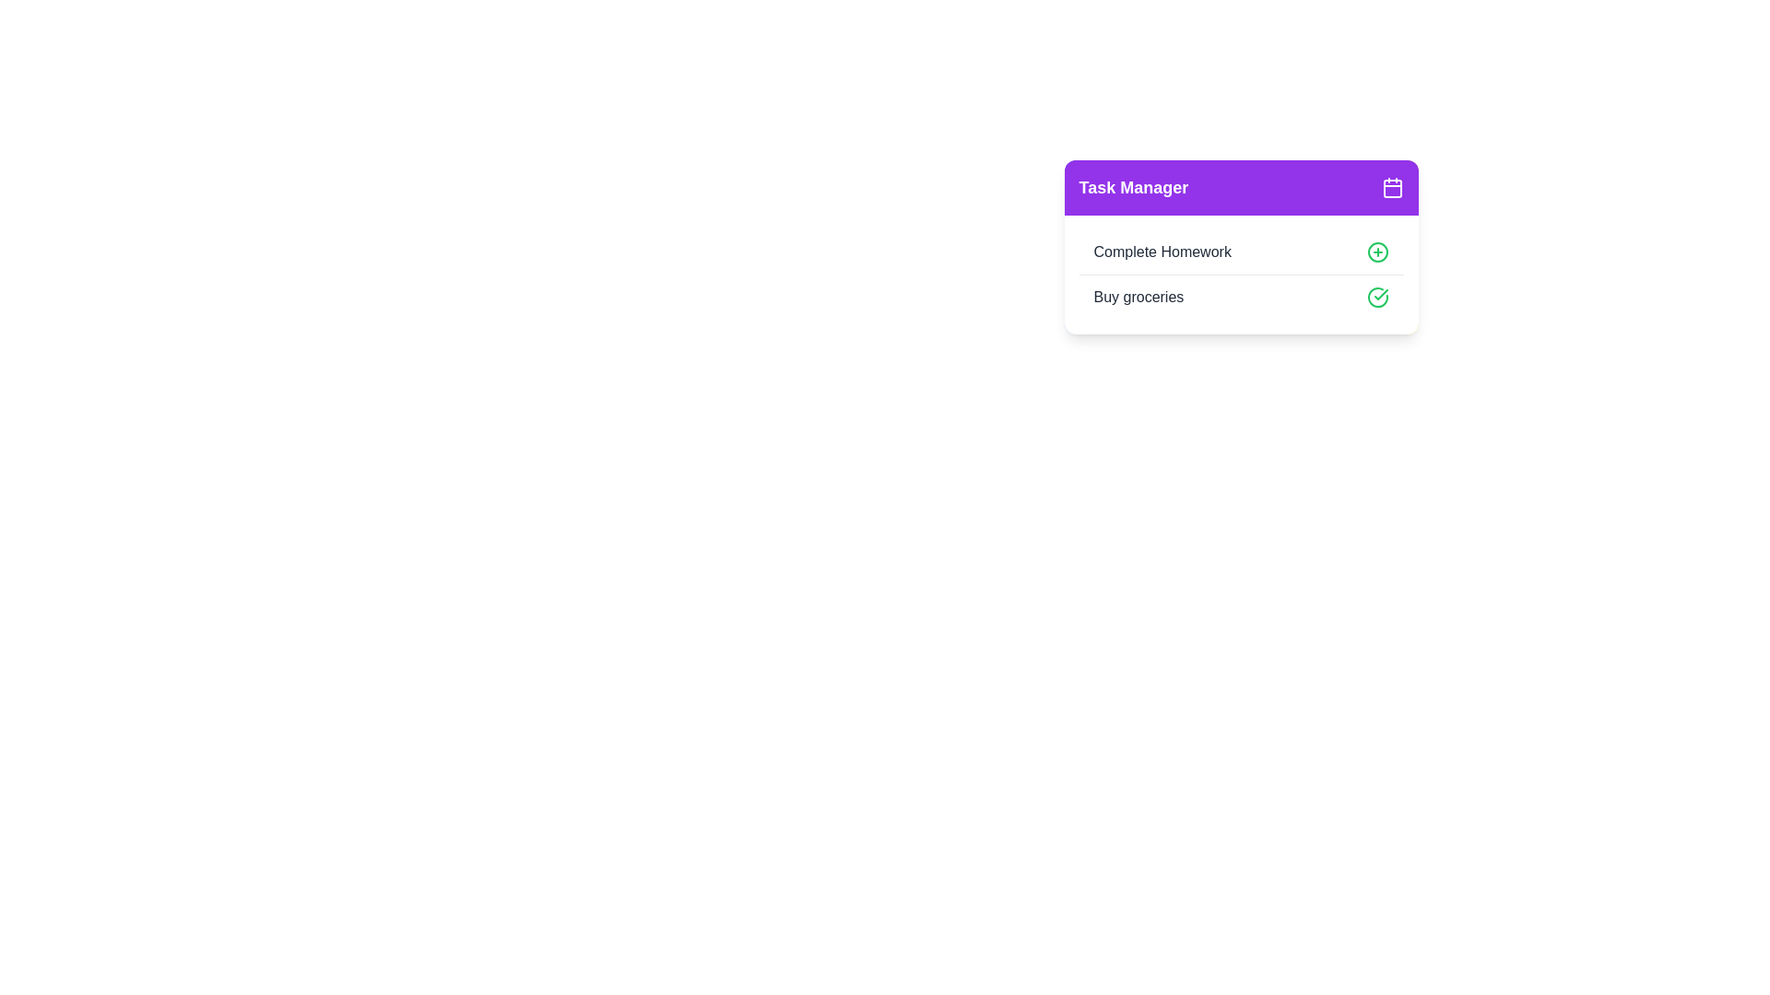  Describe the element at coordinates (1392, 188) in the screenshot. I see `purple calendar icon located in the top-right corner of the 'Task Manager' header` at that location.